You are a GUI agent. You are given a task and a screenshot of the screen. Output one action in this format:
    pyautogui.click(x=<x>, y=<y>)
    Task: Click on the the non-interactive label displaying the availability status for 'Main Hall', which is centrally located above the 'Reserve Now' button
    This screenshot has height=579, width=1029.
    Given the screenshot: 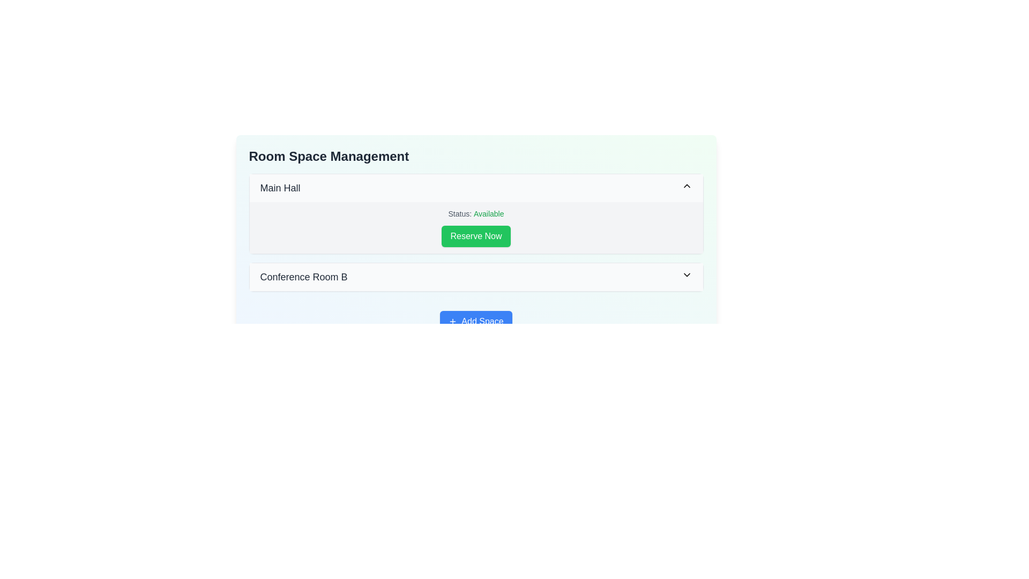 What is the action you would take?
    pyautogui.click(x=488, y=213)
    